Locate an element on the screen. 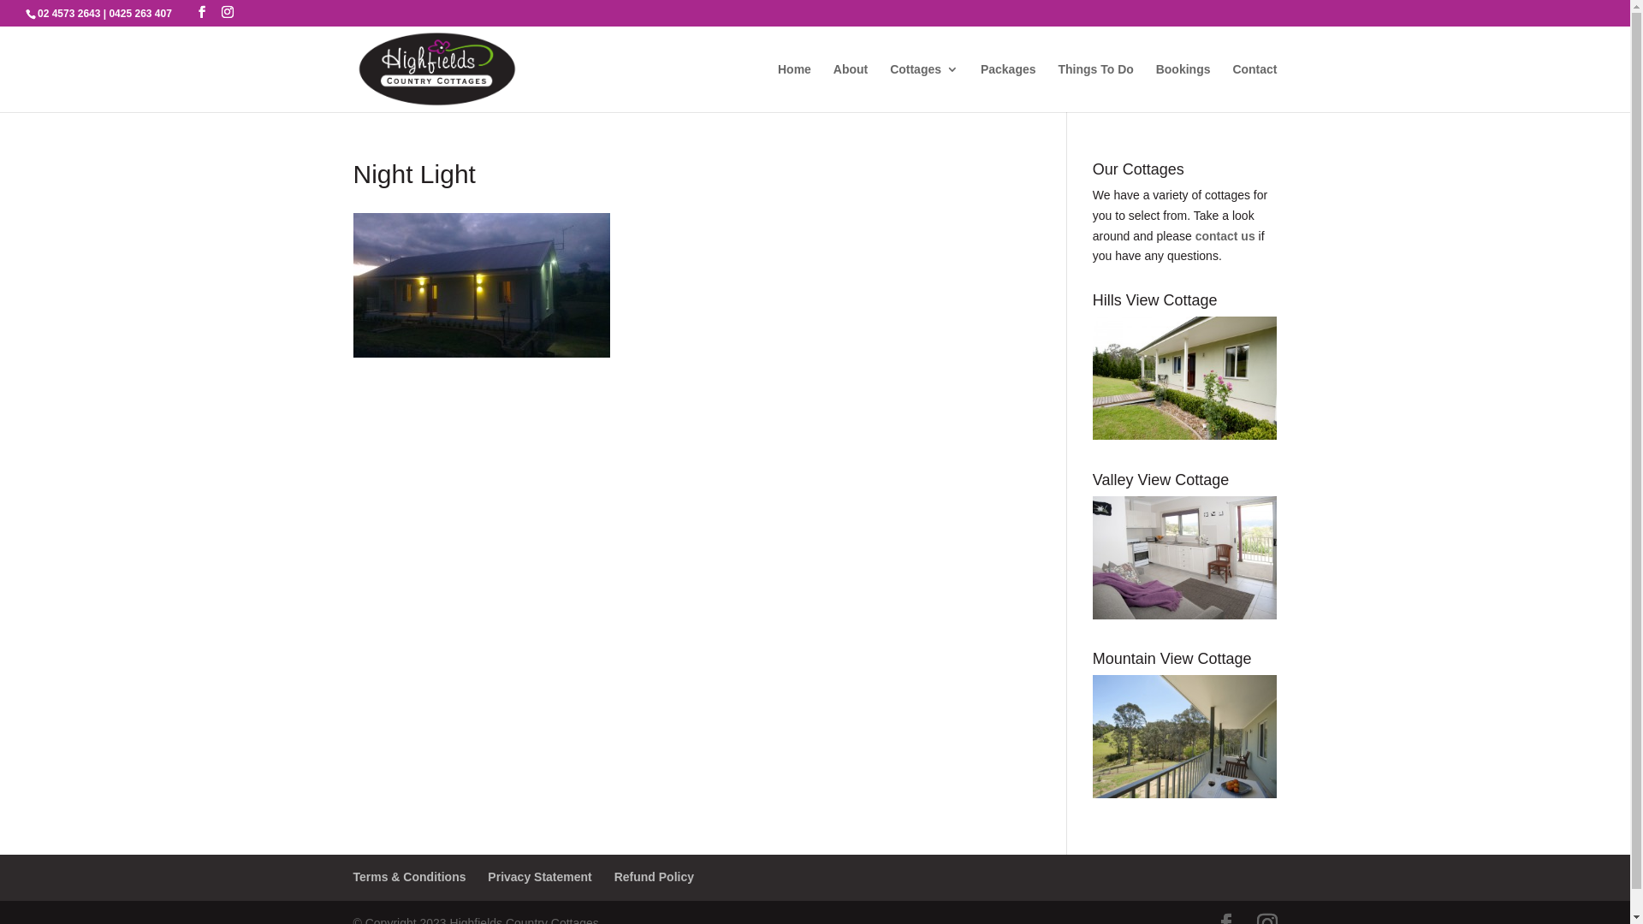  'Terms & Conditions' is located at coordinates (408, 877).